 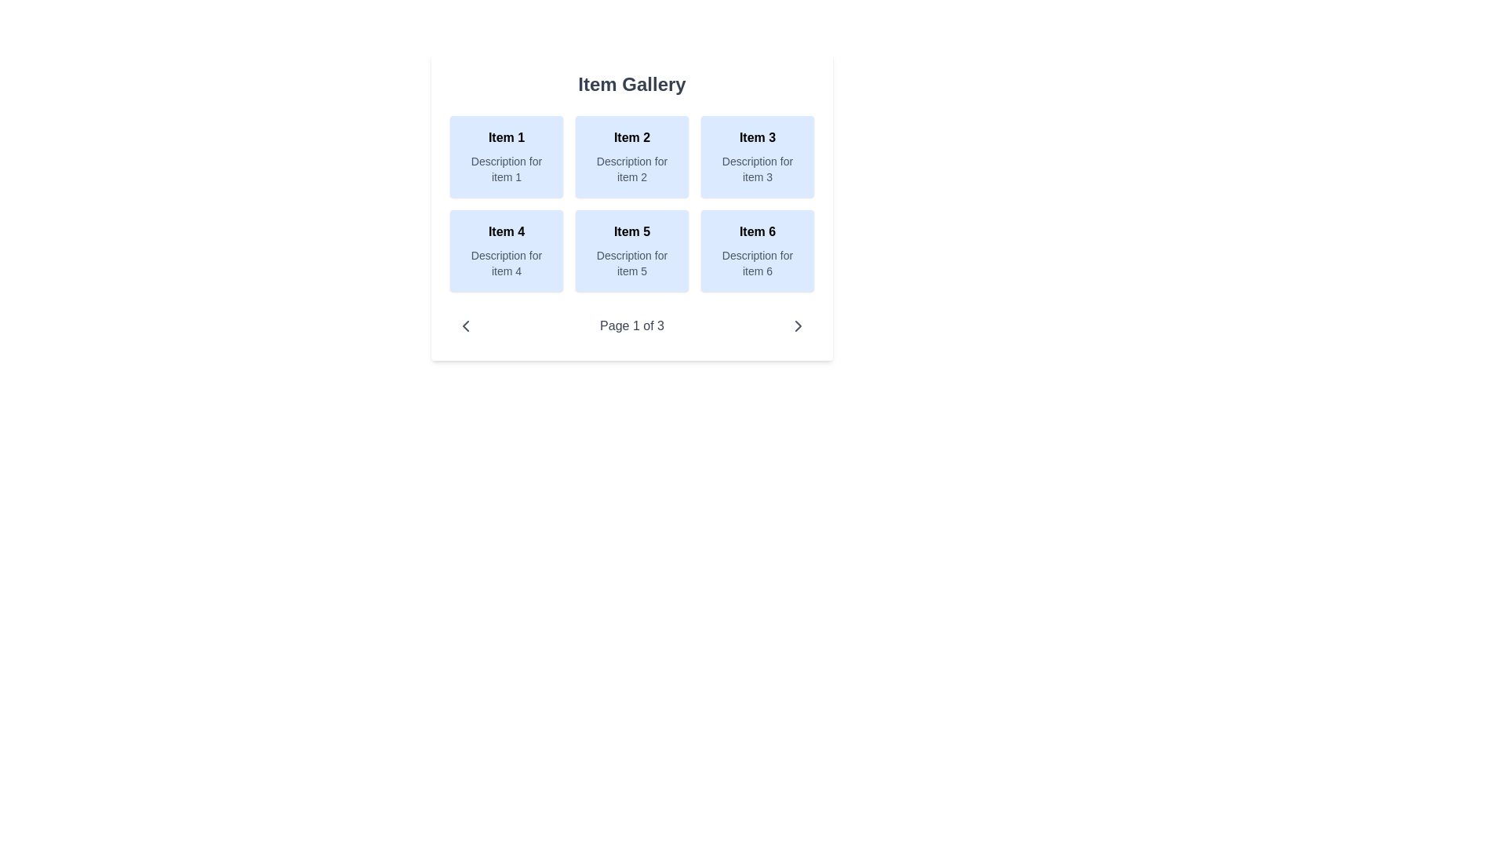 What do you see at coordinates (632, 169) in the screenshot?
I see `the Text Label that displays the description for 'Item 2' in the gallery, located directly below the 'Item 2' label` at bounding box center [632, 169].